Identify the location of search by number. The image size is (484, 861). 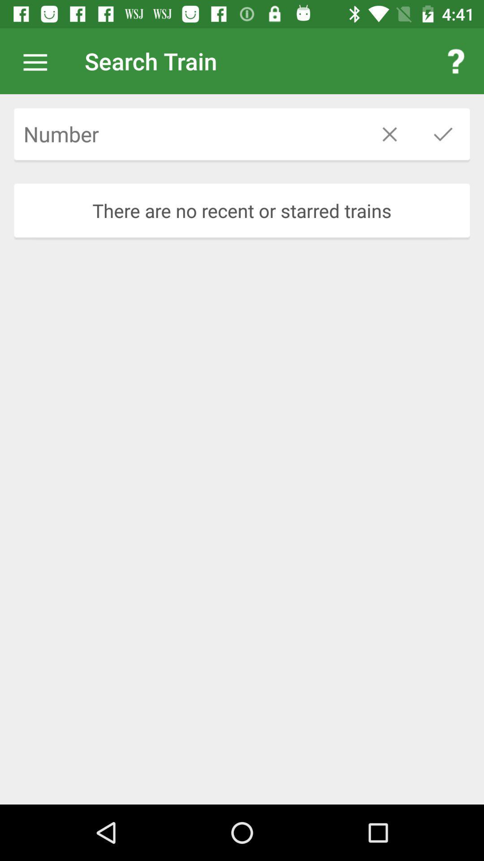
(188, 134).